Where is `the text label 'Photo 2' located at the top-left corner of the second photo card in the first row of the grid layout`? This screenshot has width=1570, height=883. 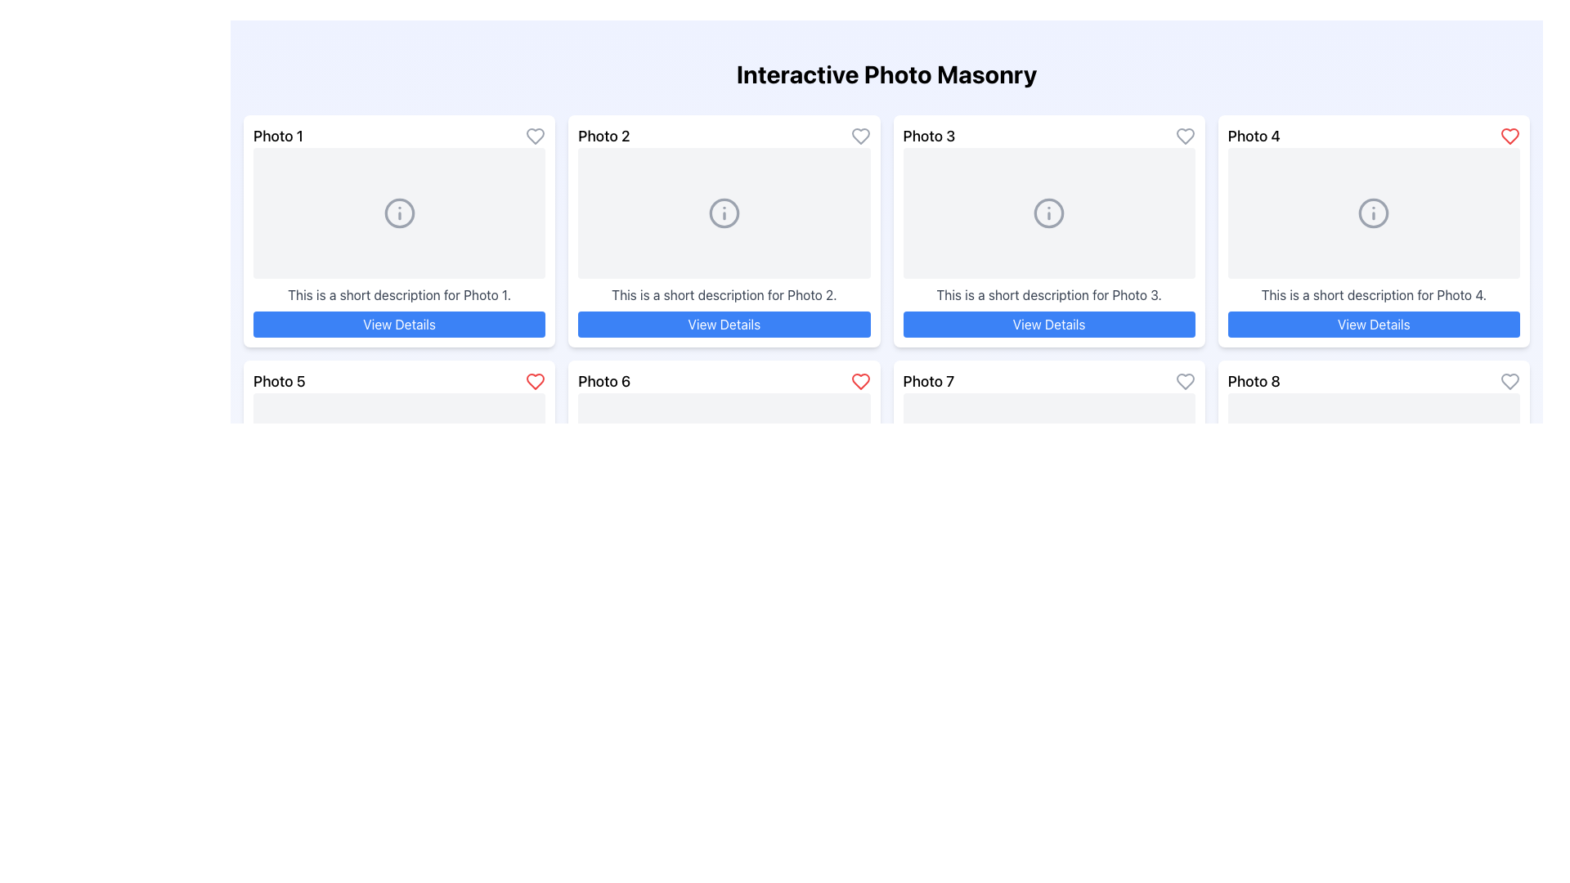 the text label 'Photo 2' located at the top-left corner of the second photo card in the first row of the grid layout is located at coordinates (603, 135).